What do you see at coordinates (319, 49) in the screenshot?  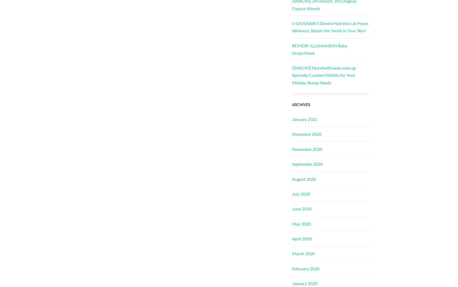 I see `'REVIEW: ILLUMIASKIN Baby Drops Mask'` at bounding box center [319, 49].